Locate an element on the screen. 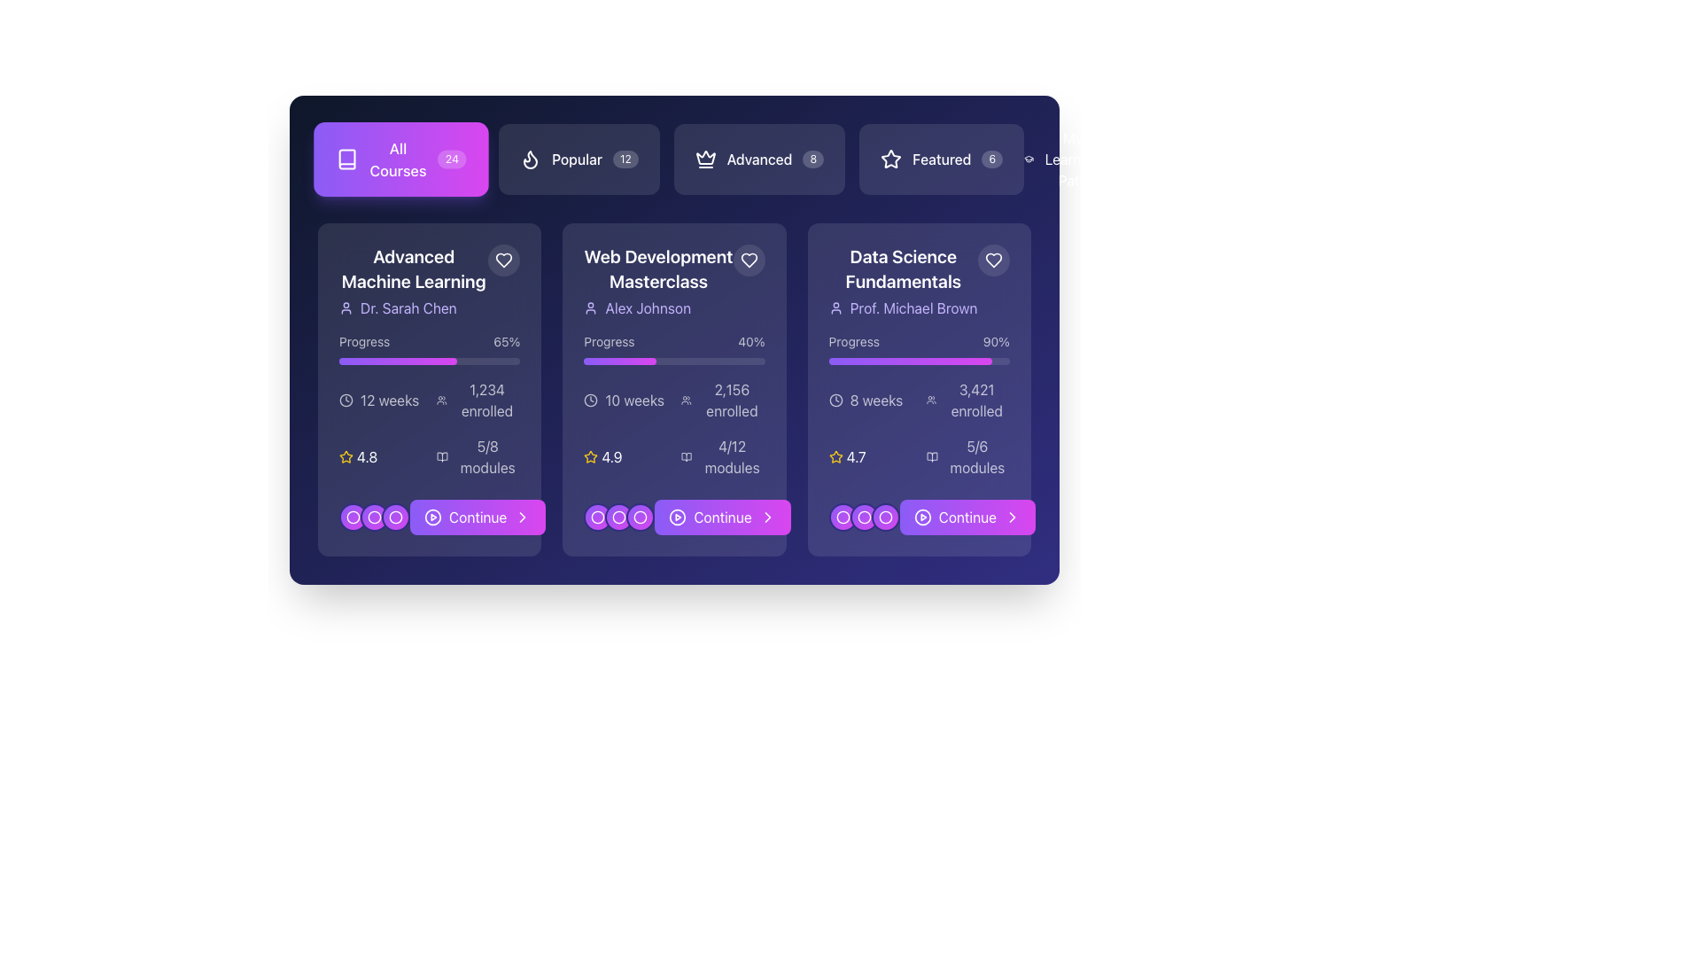 Image resolution: width=1701 pixels, height=957 pixels. the text label displaying '12 weeks' which is positioned to the right of a clock icon in the bottom-left section of the 'Advanced Machine Learning' card is located at coordinates (389, 400).